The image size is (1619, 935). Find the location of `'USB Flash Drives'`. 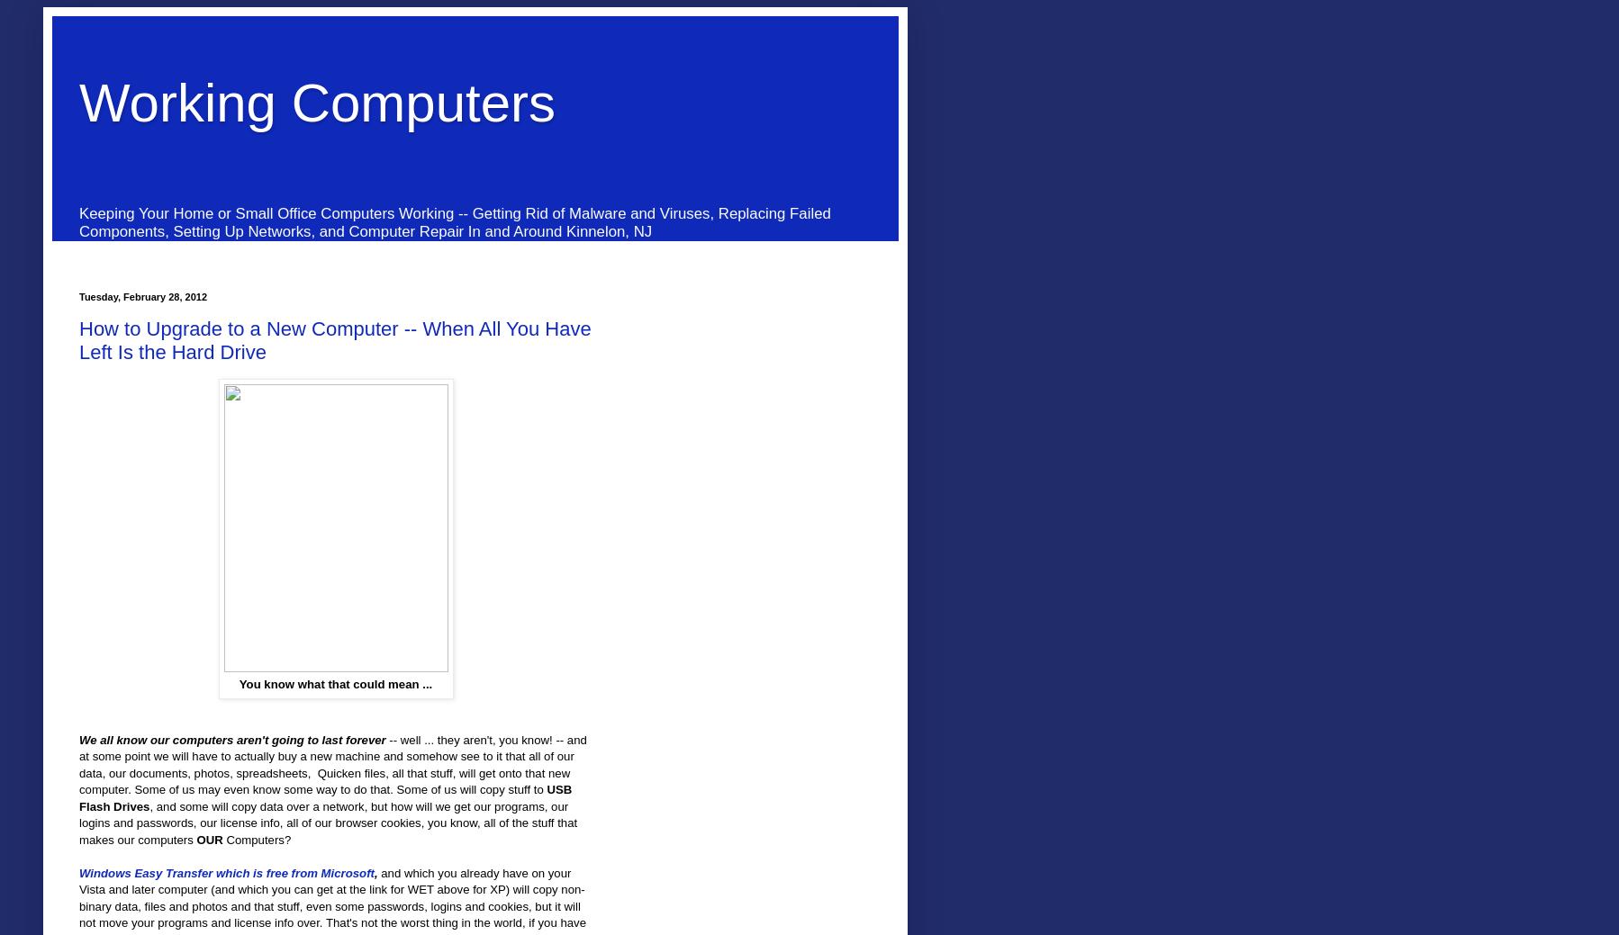

'USB Flash Drives' is located at coordinates (324, 797).